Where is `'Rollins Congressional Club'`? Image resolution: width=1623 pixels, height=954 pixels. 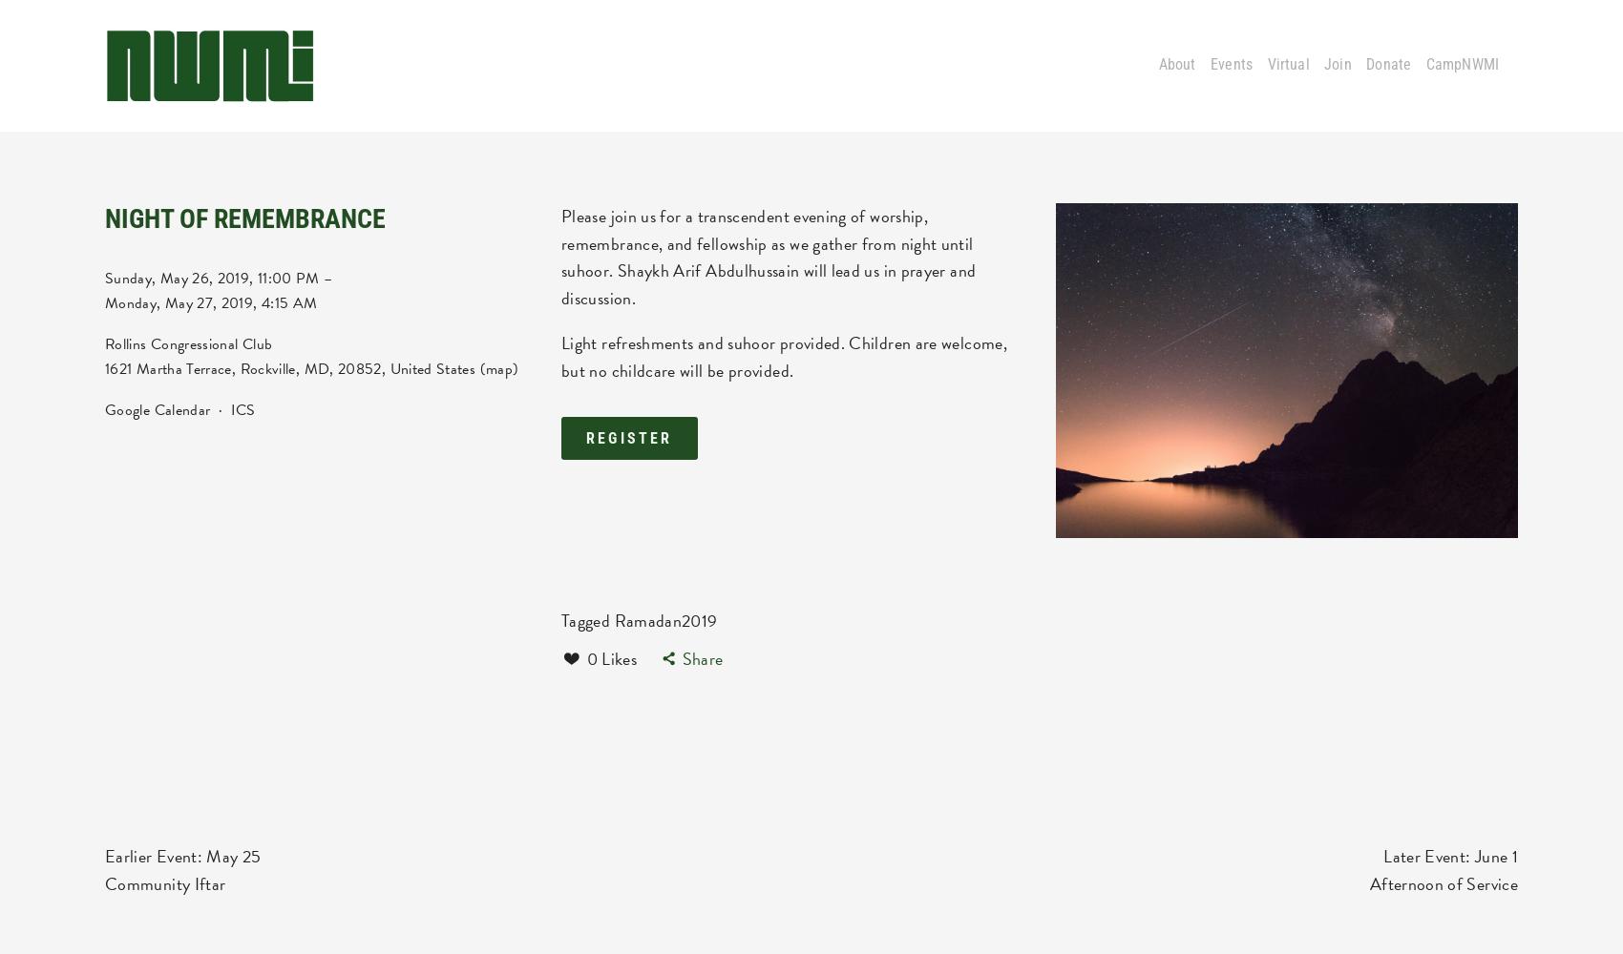 'Rollins Congressional Club' is located at coordinates (187, 343).